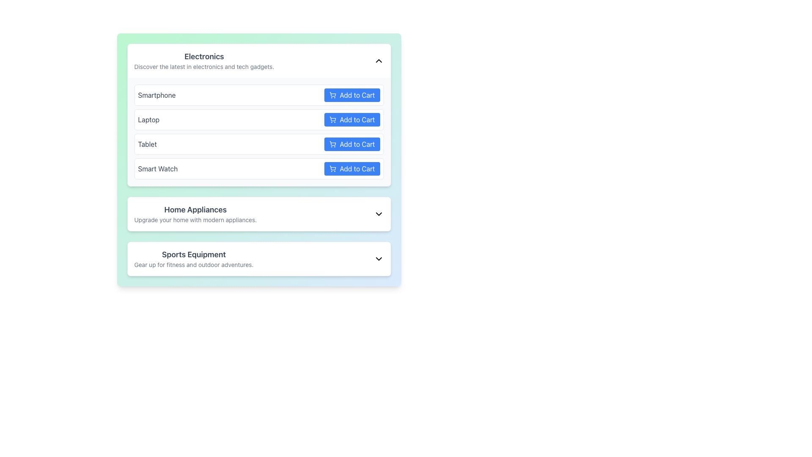 The height and width of the screenshot is (457, 812). Describe the element at coordinates (204, 60) in the screenshot. I see `the textual heading` at that location.